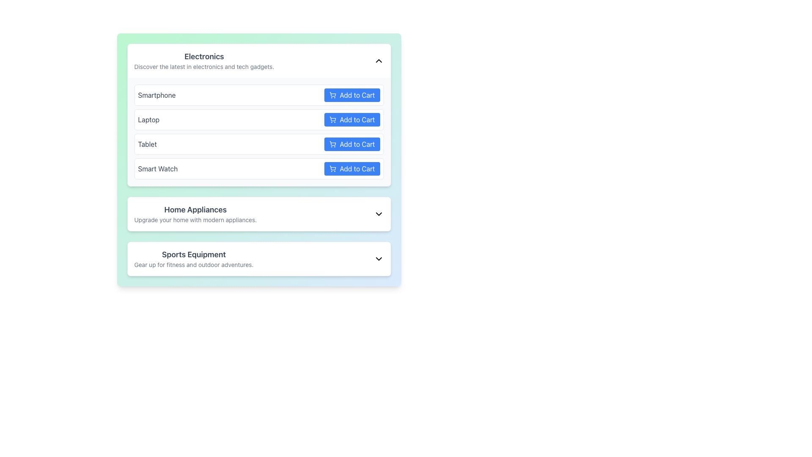 The height and width of the screenshot is (457, 812). Describe the element at coordinates (204, 60) in the screenshot. I see `the textual heading` at that location.